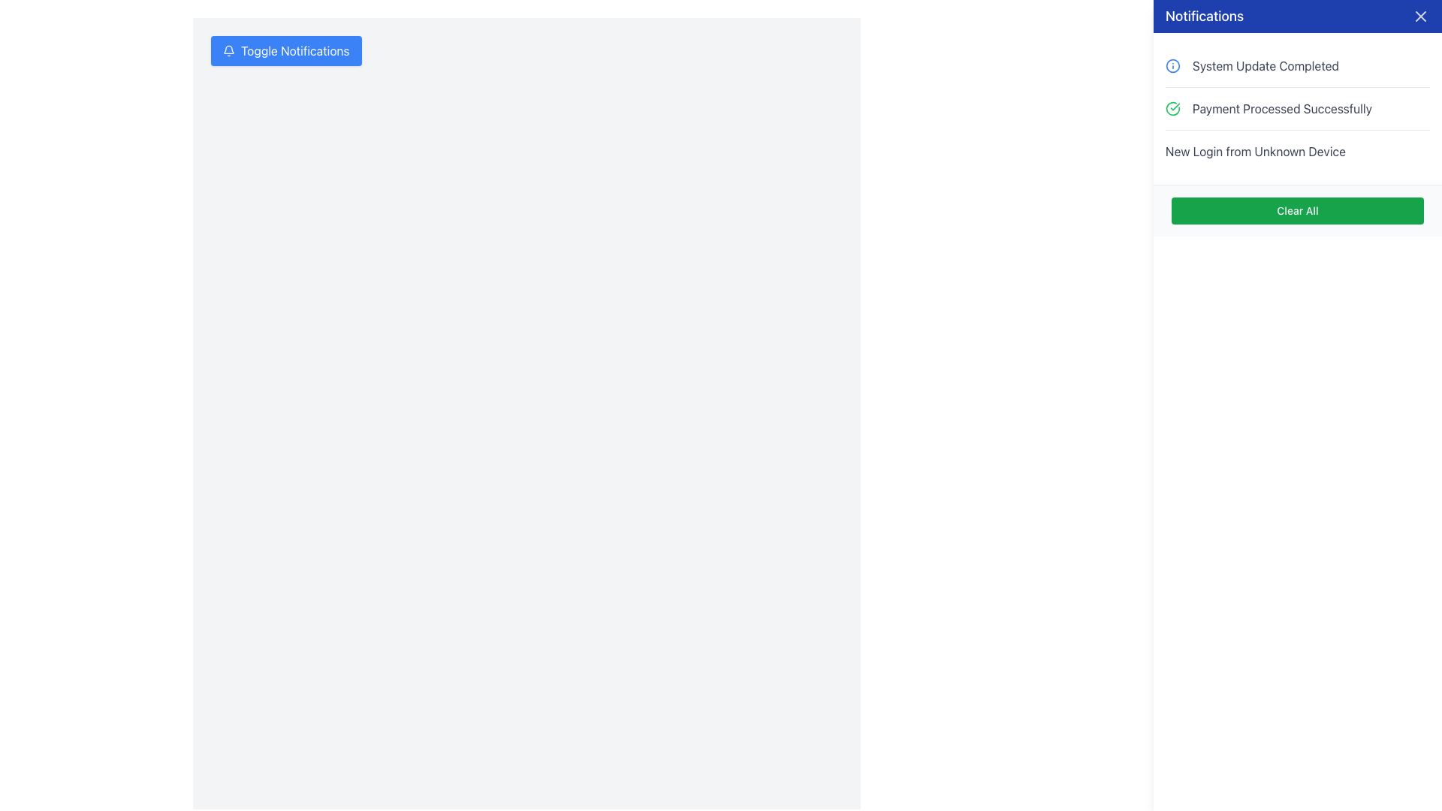 The width and height of the screenshot is (1442, 811). I want to click on the close button located on the far right side of the notifications panel header, so click(1419, 17).